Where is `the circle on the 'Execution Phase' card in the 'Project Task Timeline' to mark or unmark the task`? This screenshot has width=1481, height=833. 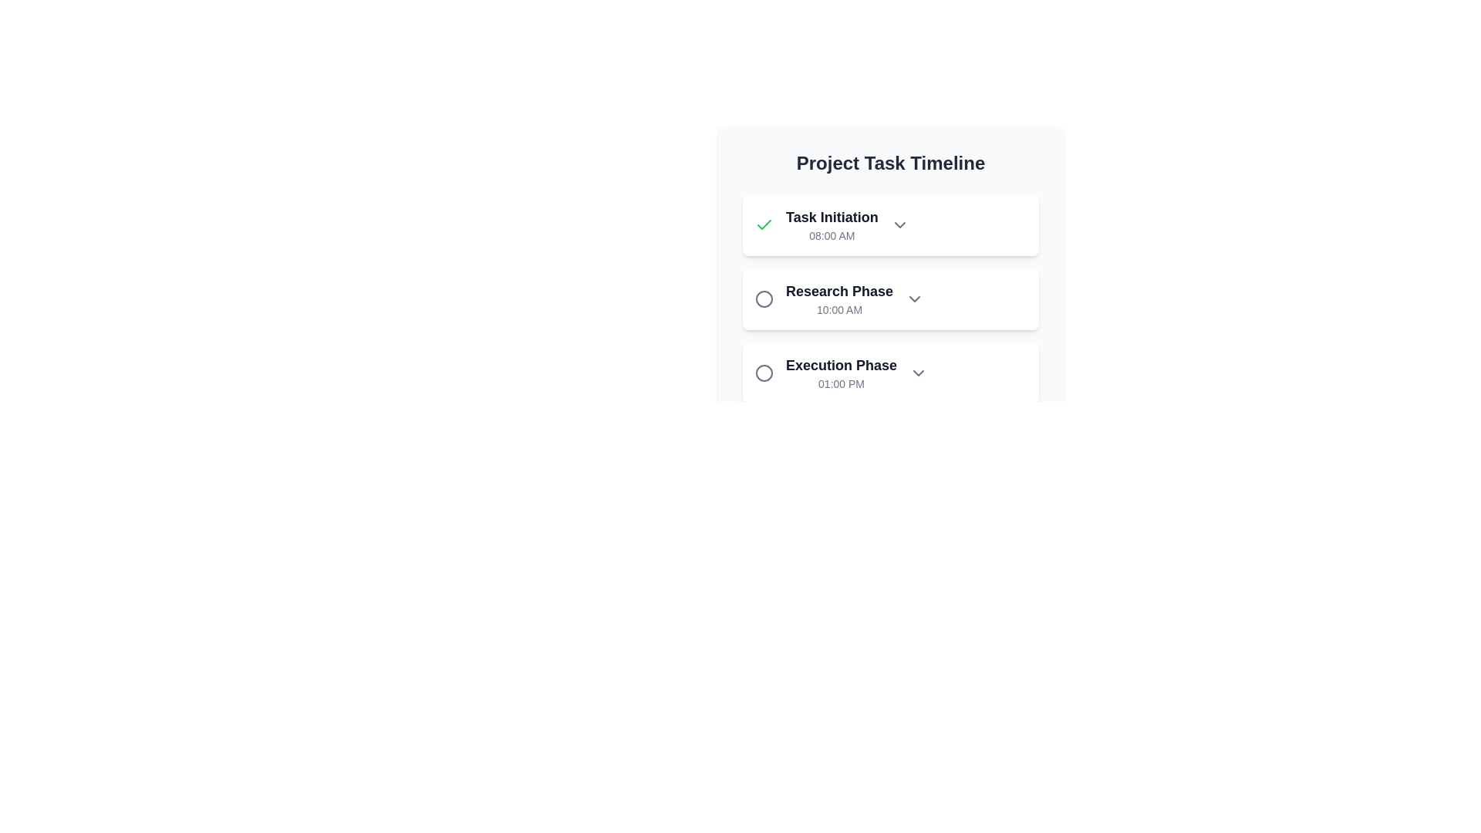
the circle on the 'Execution Phase' card in the 'Project Task Timeline' to mark or unmark the task is located at coordinates (891, 373).